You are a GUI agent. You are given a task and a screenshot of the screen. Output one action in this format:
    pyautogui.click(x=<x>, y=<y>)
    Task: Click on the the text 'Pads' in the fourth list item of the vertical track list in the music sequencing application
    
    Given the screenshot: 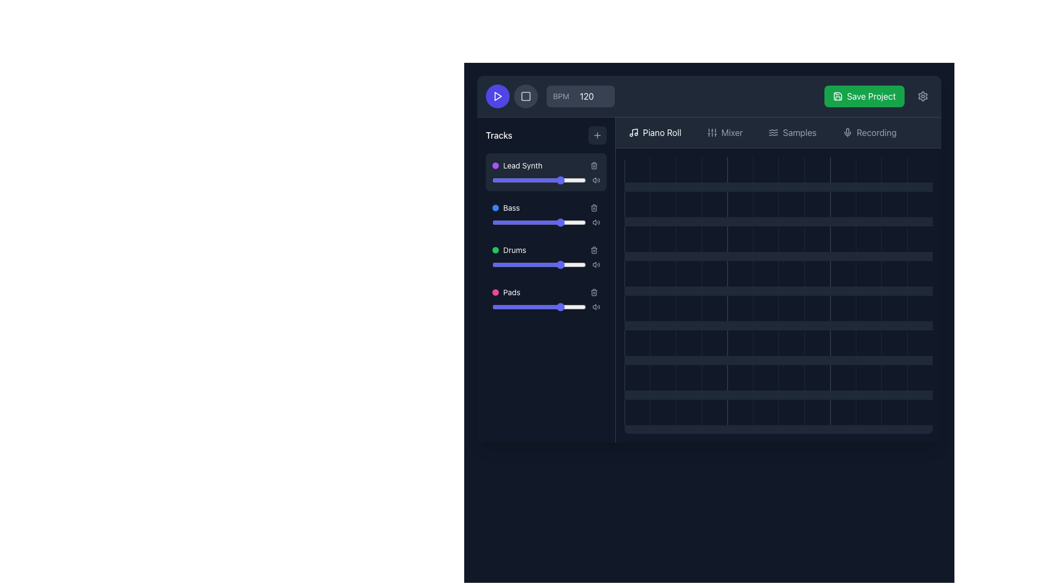 What is the action you would take?
    pyautogui.click(x=505, y=292)
    